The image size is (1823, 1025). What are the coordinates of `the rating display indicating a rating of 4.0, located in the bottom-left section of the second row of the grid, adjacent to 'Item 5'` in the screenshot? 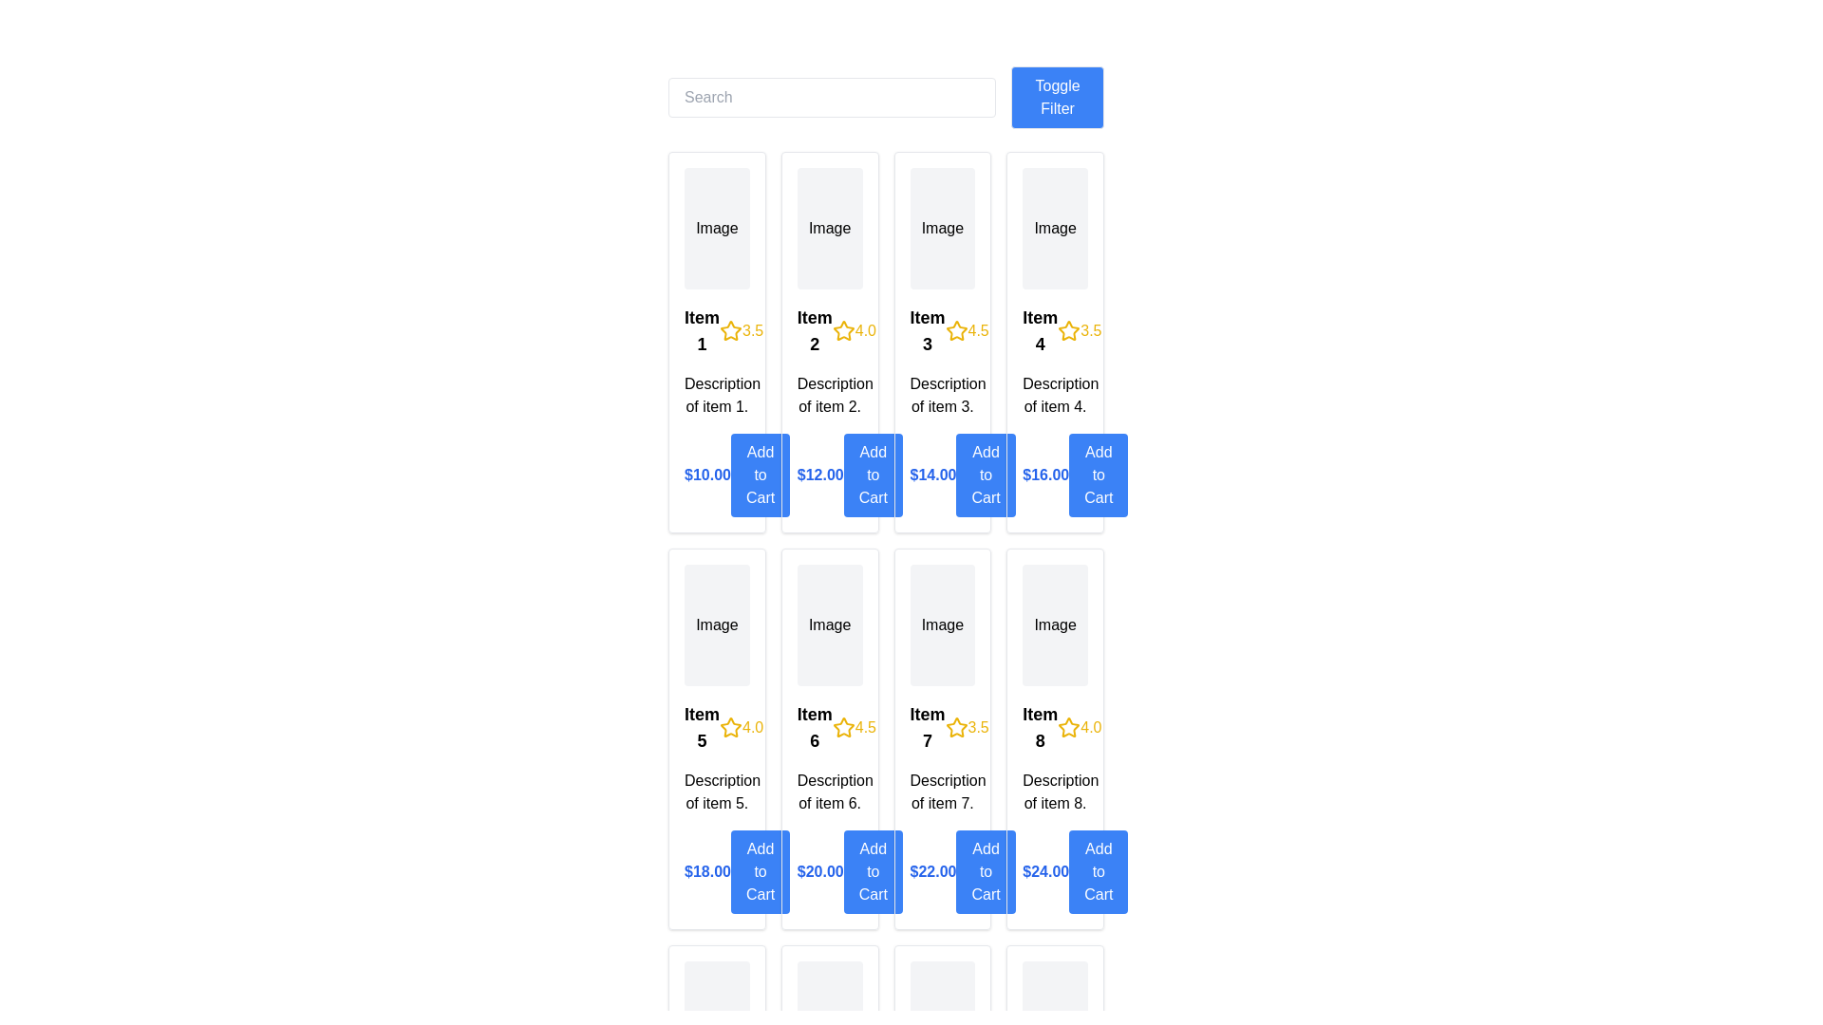 It's located at (741, 727).